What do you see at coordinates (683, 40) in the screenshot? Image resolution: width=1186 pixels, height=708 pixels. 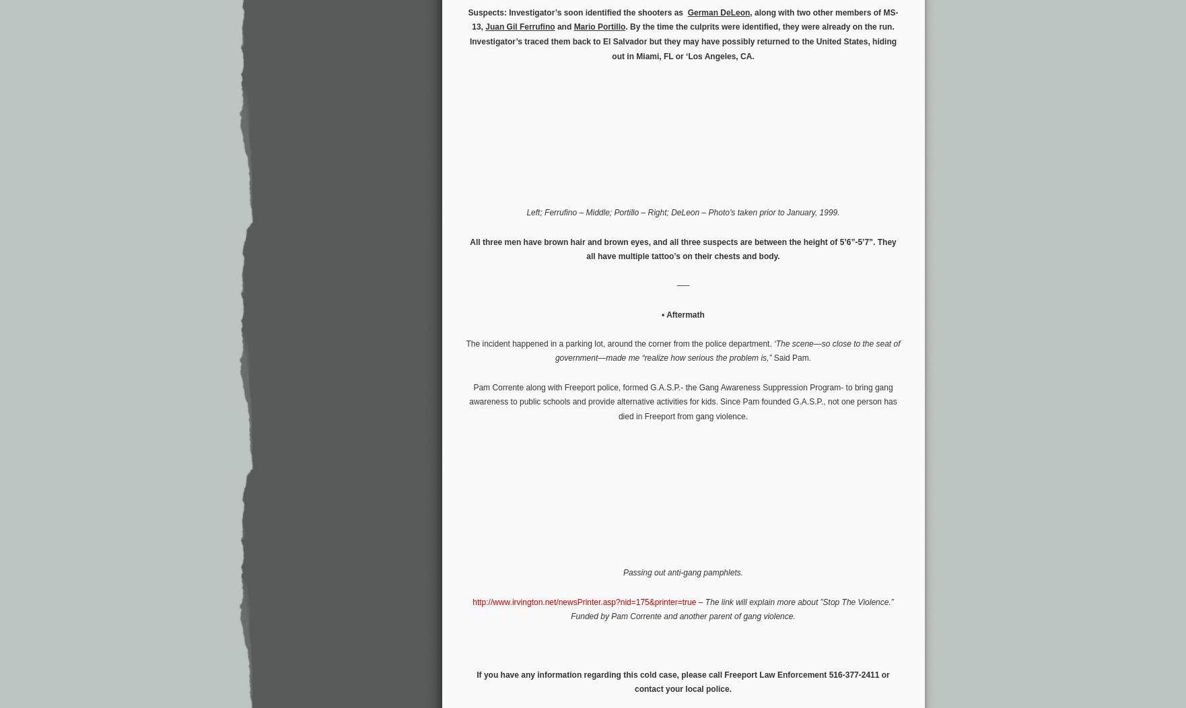 I see `'. By the time the culprits were identified, they were already on the run. Investigator’s traced them back to El Salvador but they may have possibly returned to the United States, hiding out in Miami, FL or ‘Los Angeles, CA.'` at bounding box center [683, 40].